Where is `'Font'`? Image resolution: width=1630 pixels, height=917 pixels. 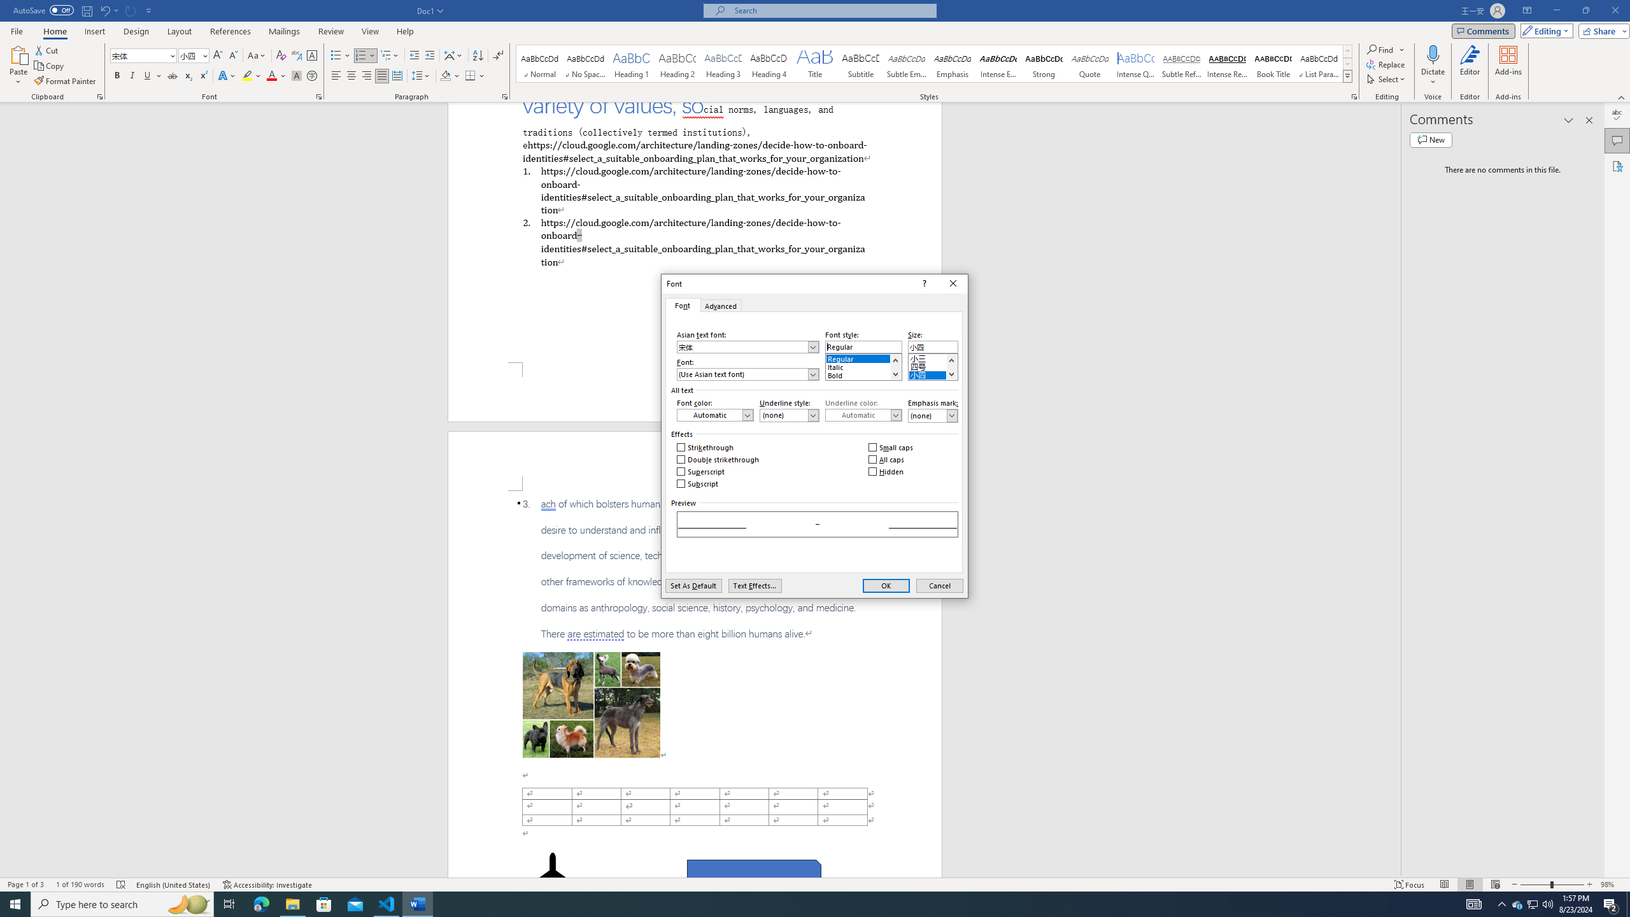 'Font' is located at coordinates (682, 304).